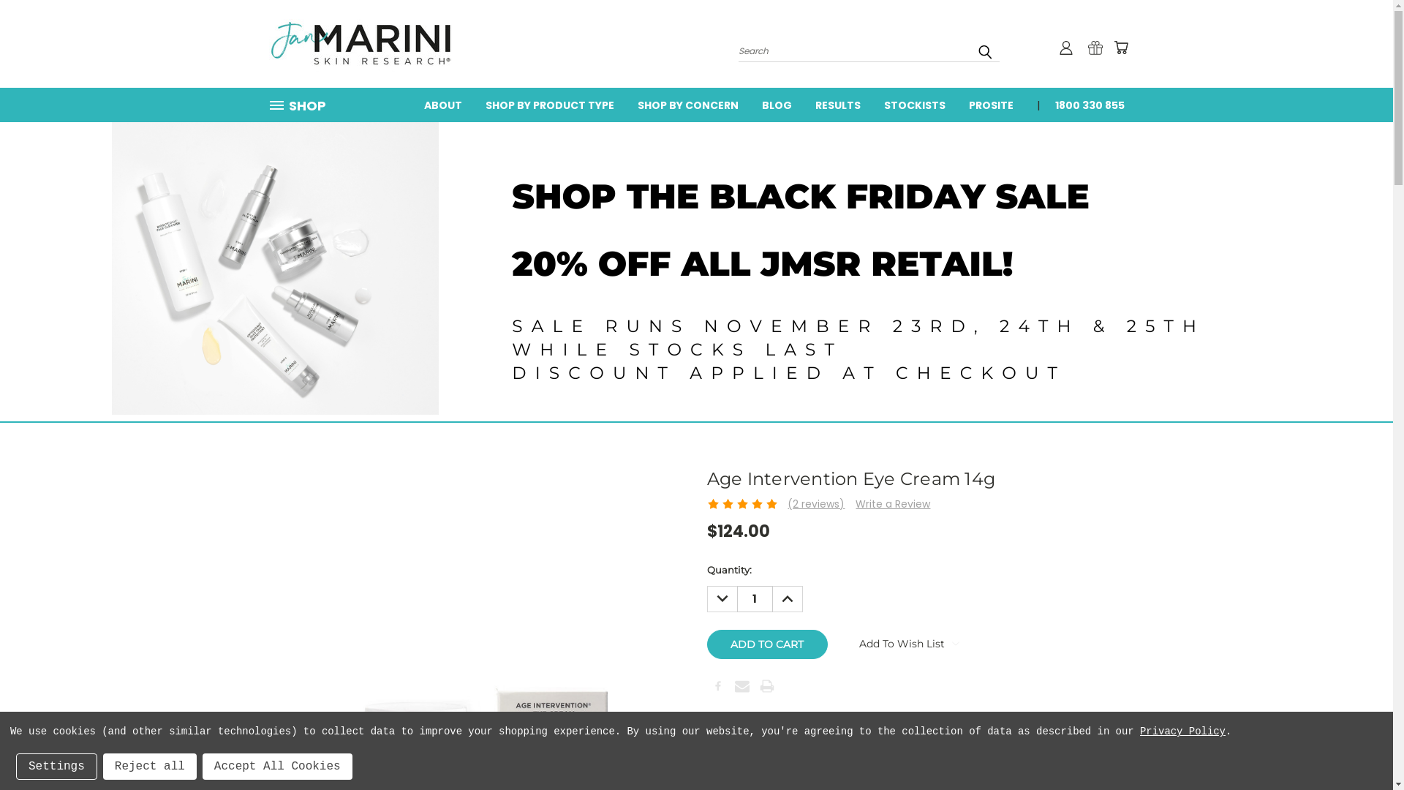 Image resolution: width=1404 pixels, height=790 pixels. Describe the element at coordinates (150, 766) in the screenshot. I see `'Reject all'` at that location.